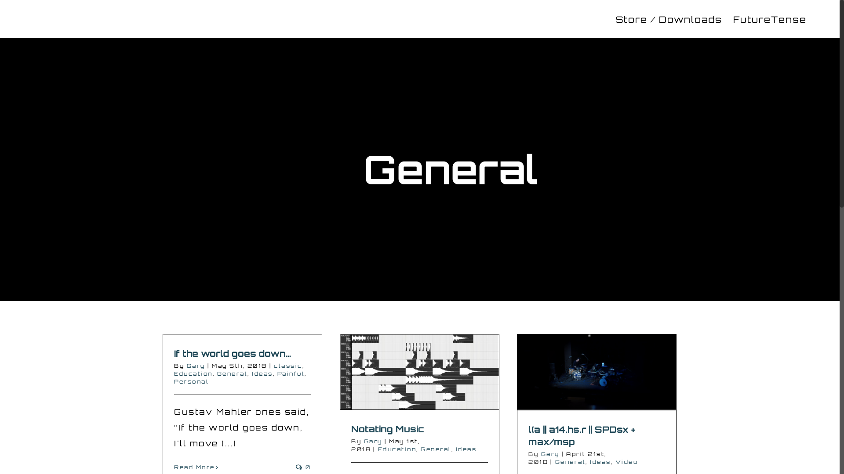 This screenshot has height=474, width=844. What do you see at coordinates (186, 366) in the screenshot?
I see `'Gary'` at bounding box center [186, 366].